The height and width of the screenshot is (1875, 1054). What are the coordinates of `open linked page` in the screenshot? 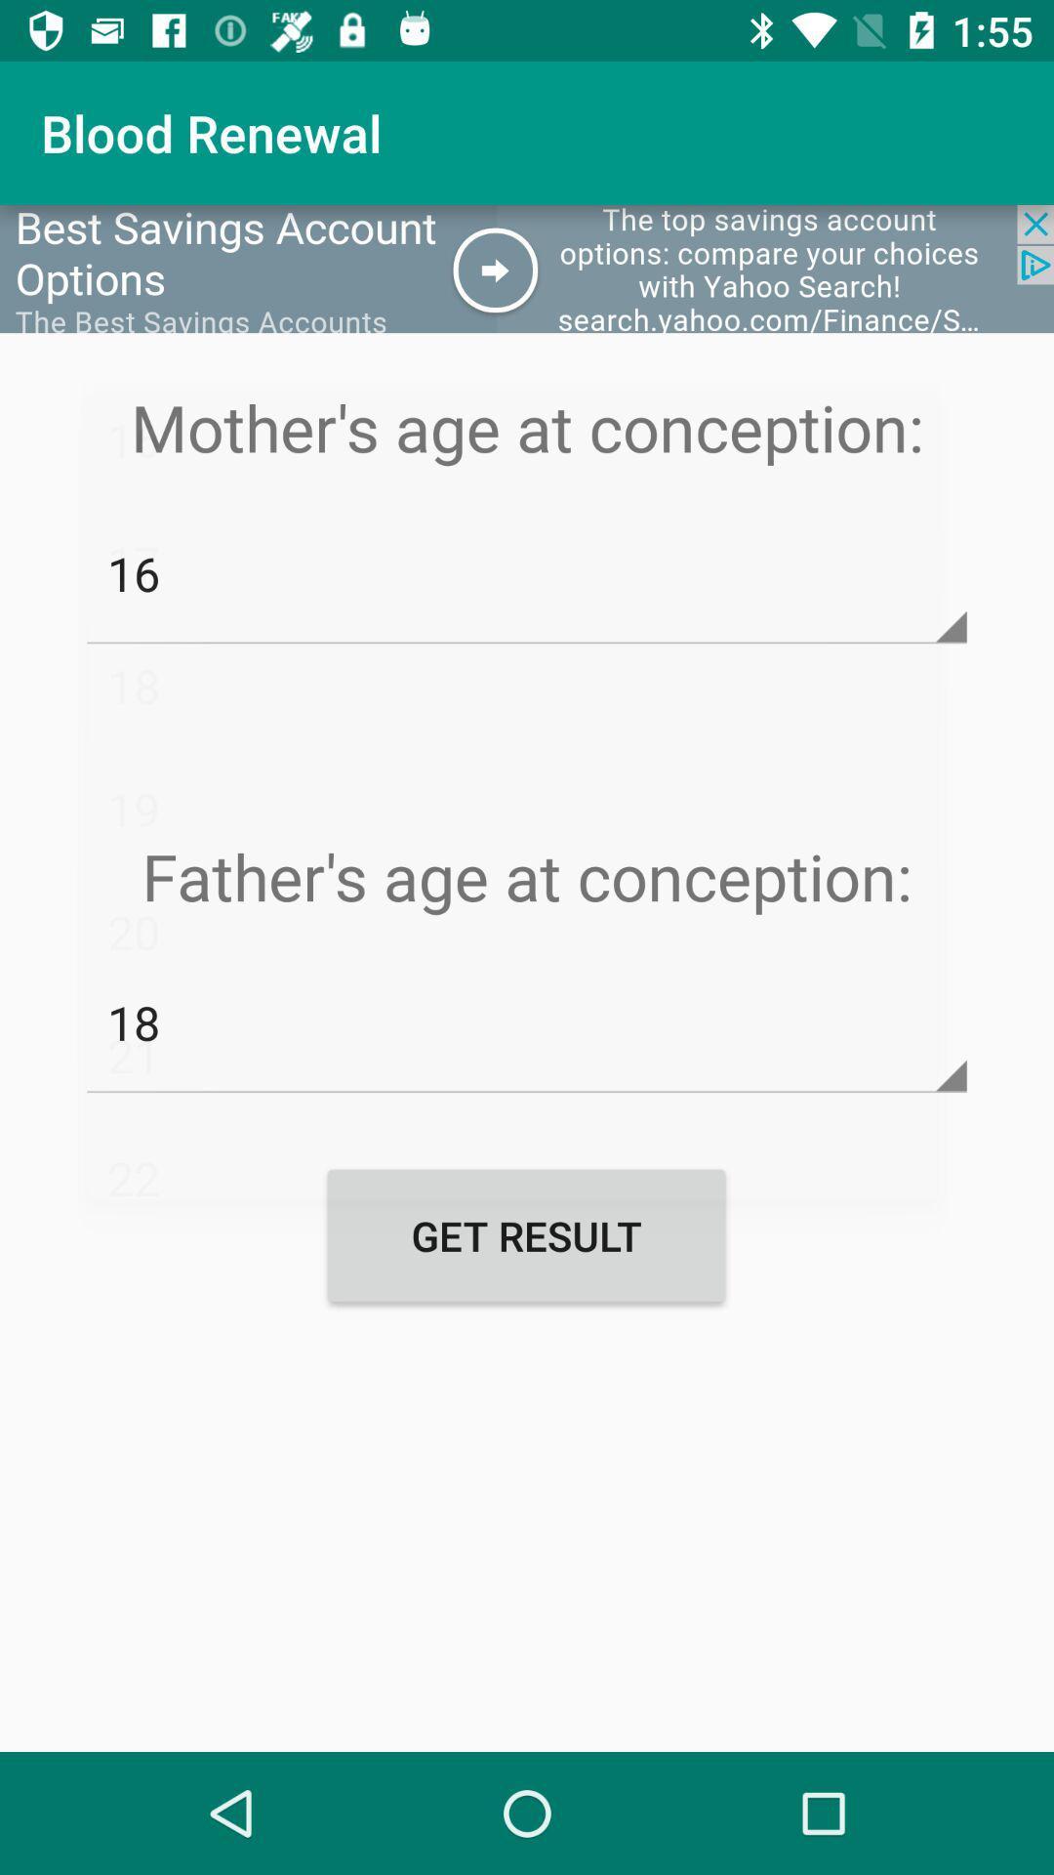 It's located at (527, 268).